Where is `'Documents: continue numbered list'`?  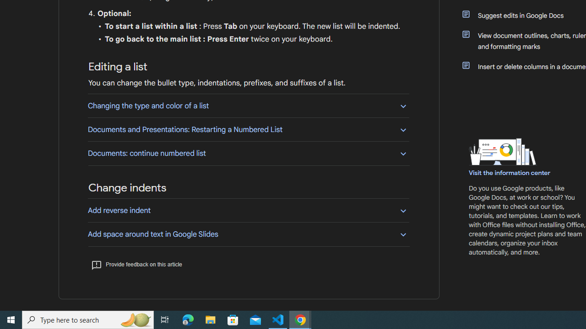
'Documents: continue numbered list' is located at coordinates (248, 153).